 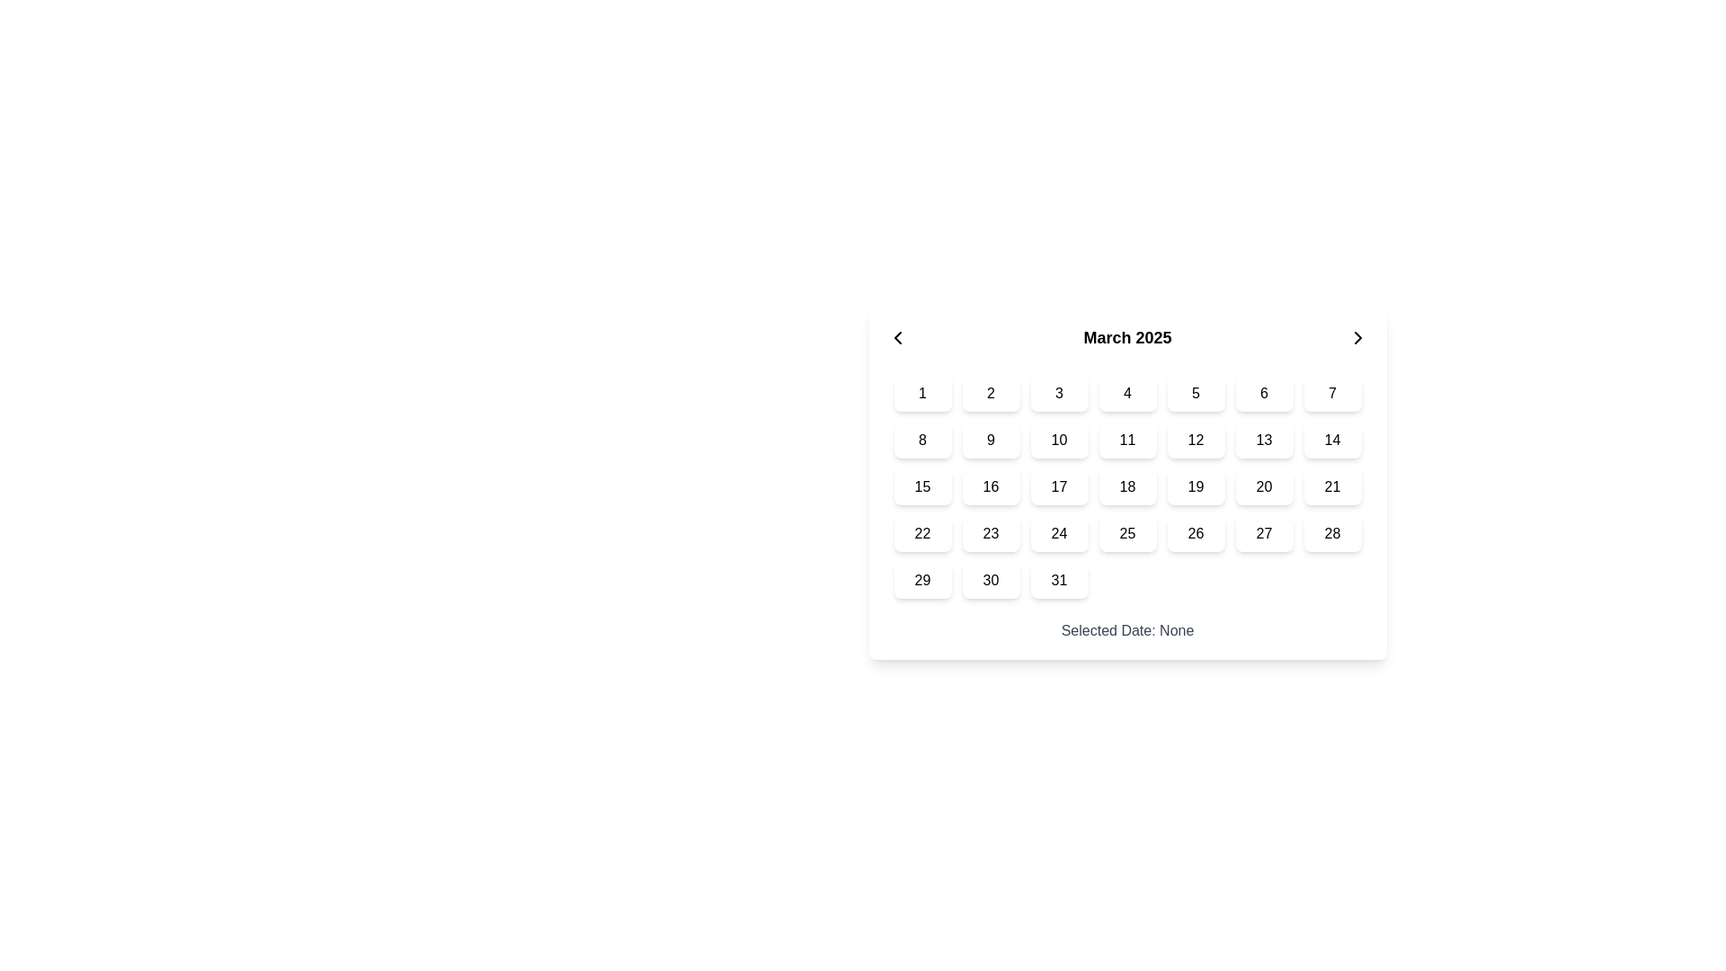 What do you see at coordinates (1059, 533) in the screenshot?
I see `the selectable date button '24' in the calendar grid under 'March 2025'` at bounding box center [1059, 533].